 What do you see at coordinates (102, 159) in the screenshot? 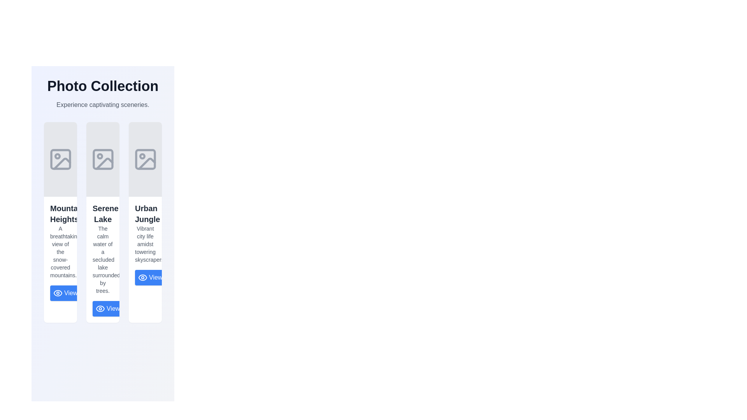
I see `the placeholder icon for an image located in the second tile above the label 'Serene Lake'` at bounding box center [102, 159].